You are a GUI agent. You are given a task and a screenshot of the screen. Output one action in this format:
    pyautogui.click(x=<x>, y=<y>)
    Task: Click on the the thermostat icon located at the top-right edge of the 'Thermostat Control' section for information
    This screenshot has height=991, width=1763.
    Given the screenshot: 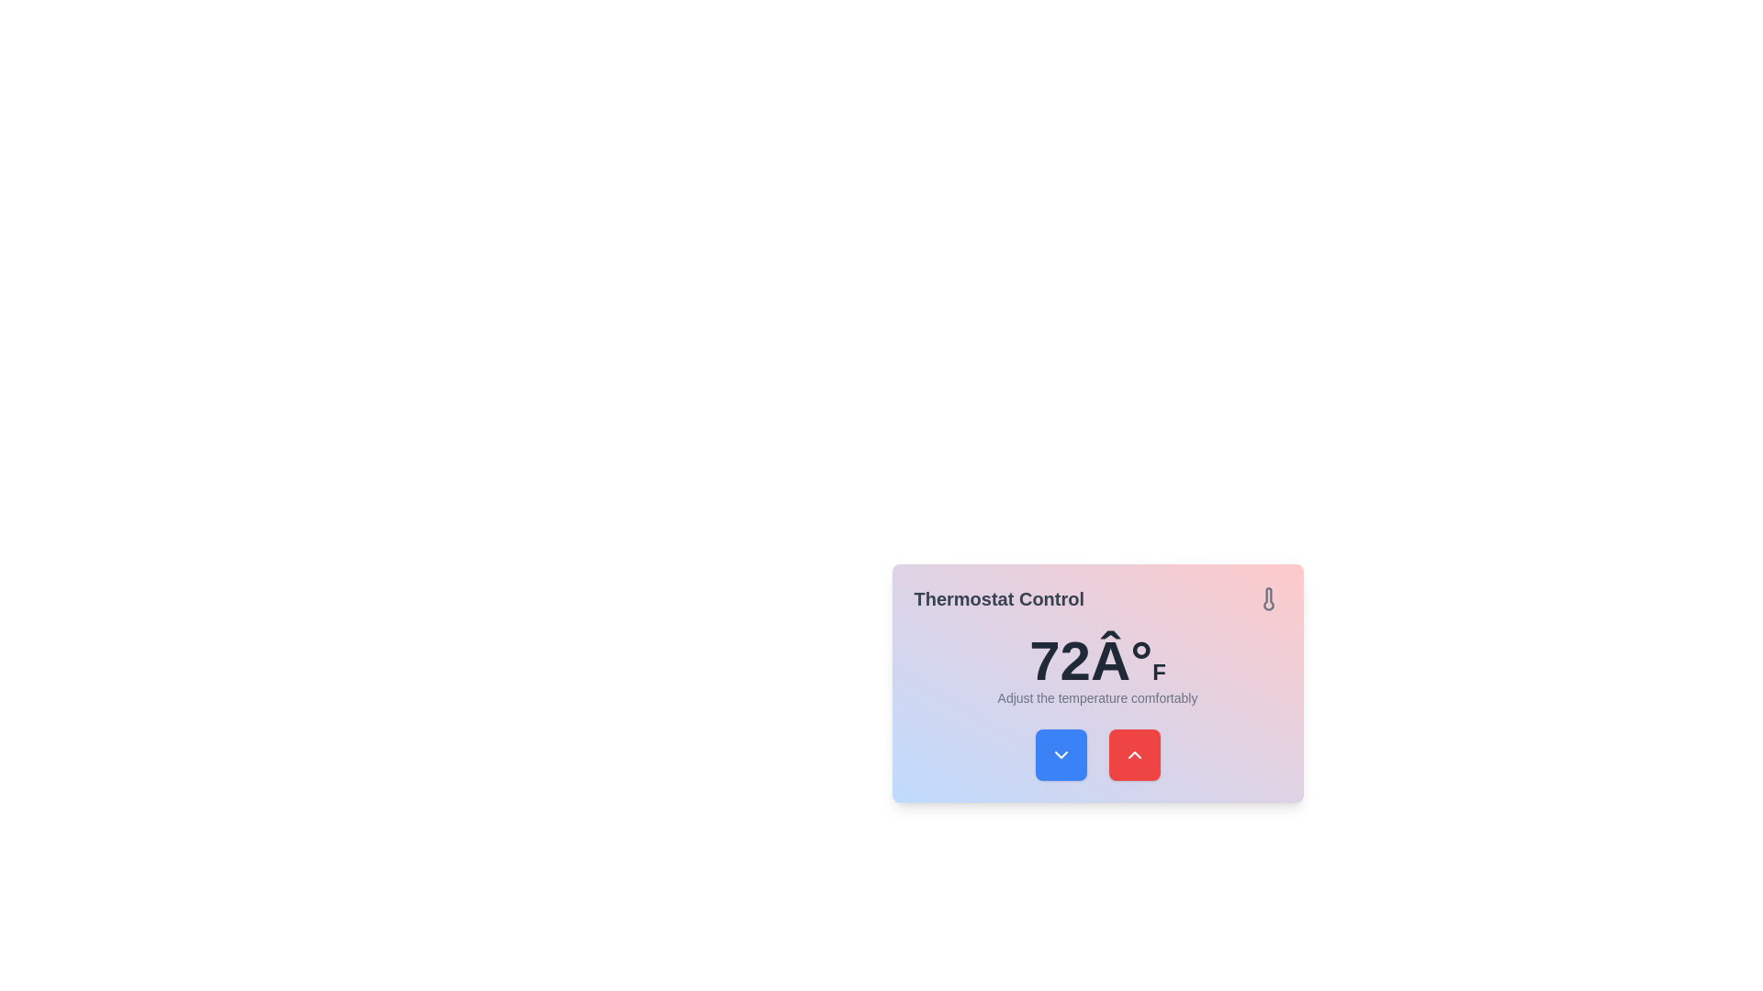 What is the action you would take?
    pyautogui.click(x=1267, y=598)
    